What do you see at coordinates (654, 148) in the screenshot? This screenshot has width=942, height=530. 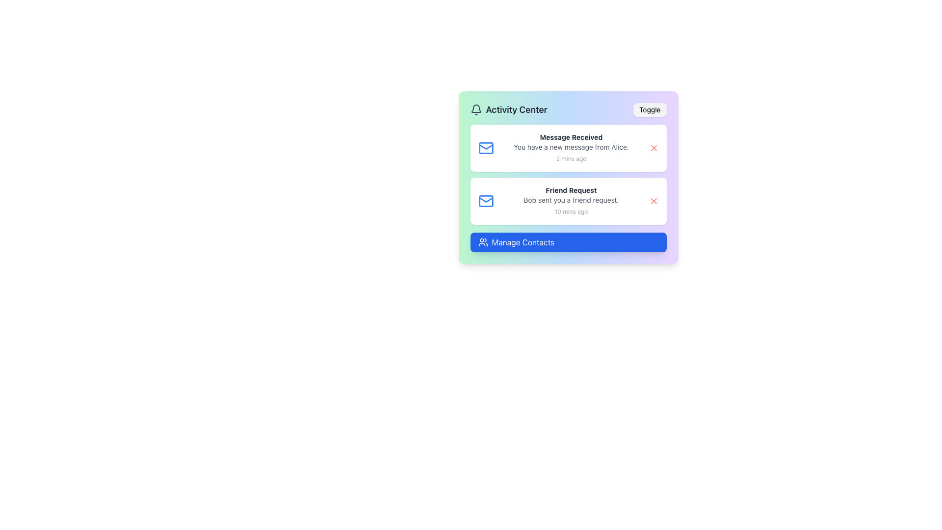 I see `the button styled as an 'X' located in the top-right corner of the 'Message Received' notification card` at bounding box center [654, 148].